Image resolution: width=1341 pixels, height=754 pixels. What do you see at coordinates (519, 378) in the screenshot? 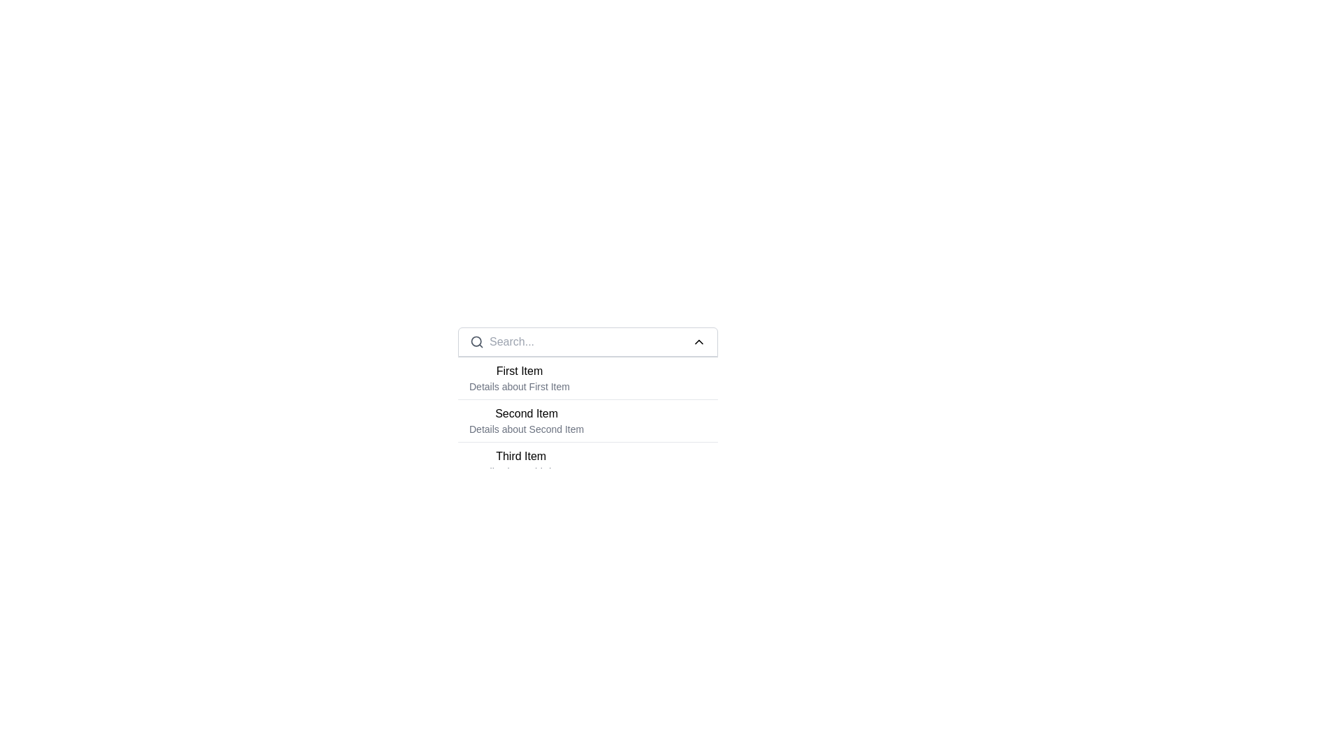
I see `on the first item in the selectable list, which has a title and subtitle` at bounding box center [519, 378].